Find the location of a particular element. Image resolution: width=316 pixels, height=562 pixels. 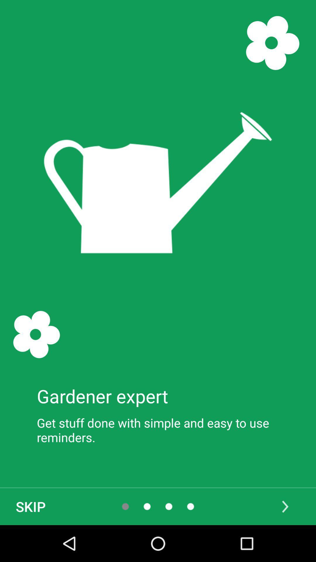

icon below the get stuff done icon is located at coordinates (285, 506).